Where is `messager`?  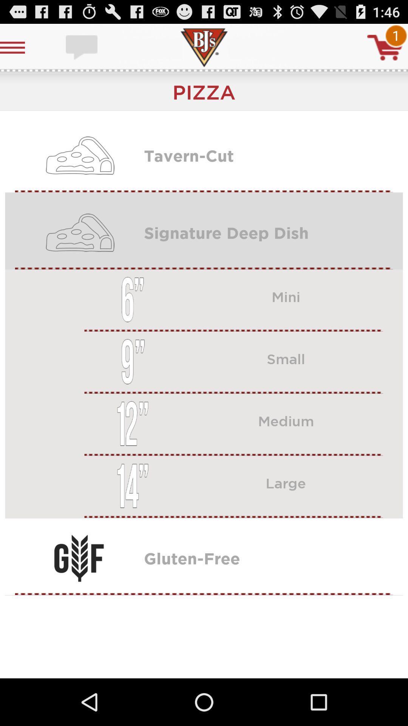 messager is located at coordinates (82, 47).